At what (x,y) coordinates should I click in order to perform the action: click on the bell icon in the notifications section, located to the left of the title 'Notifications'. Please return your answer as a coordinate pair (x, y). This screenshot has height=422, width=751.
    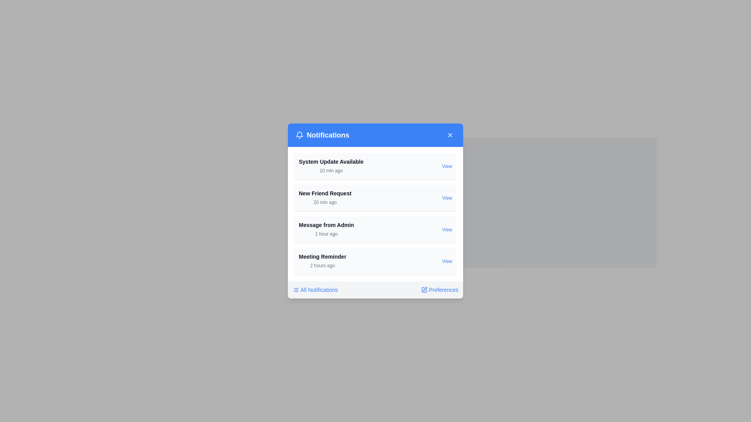
    Looking at the image, I should click on (299, 134).